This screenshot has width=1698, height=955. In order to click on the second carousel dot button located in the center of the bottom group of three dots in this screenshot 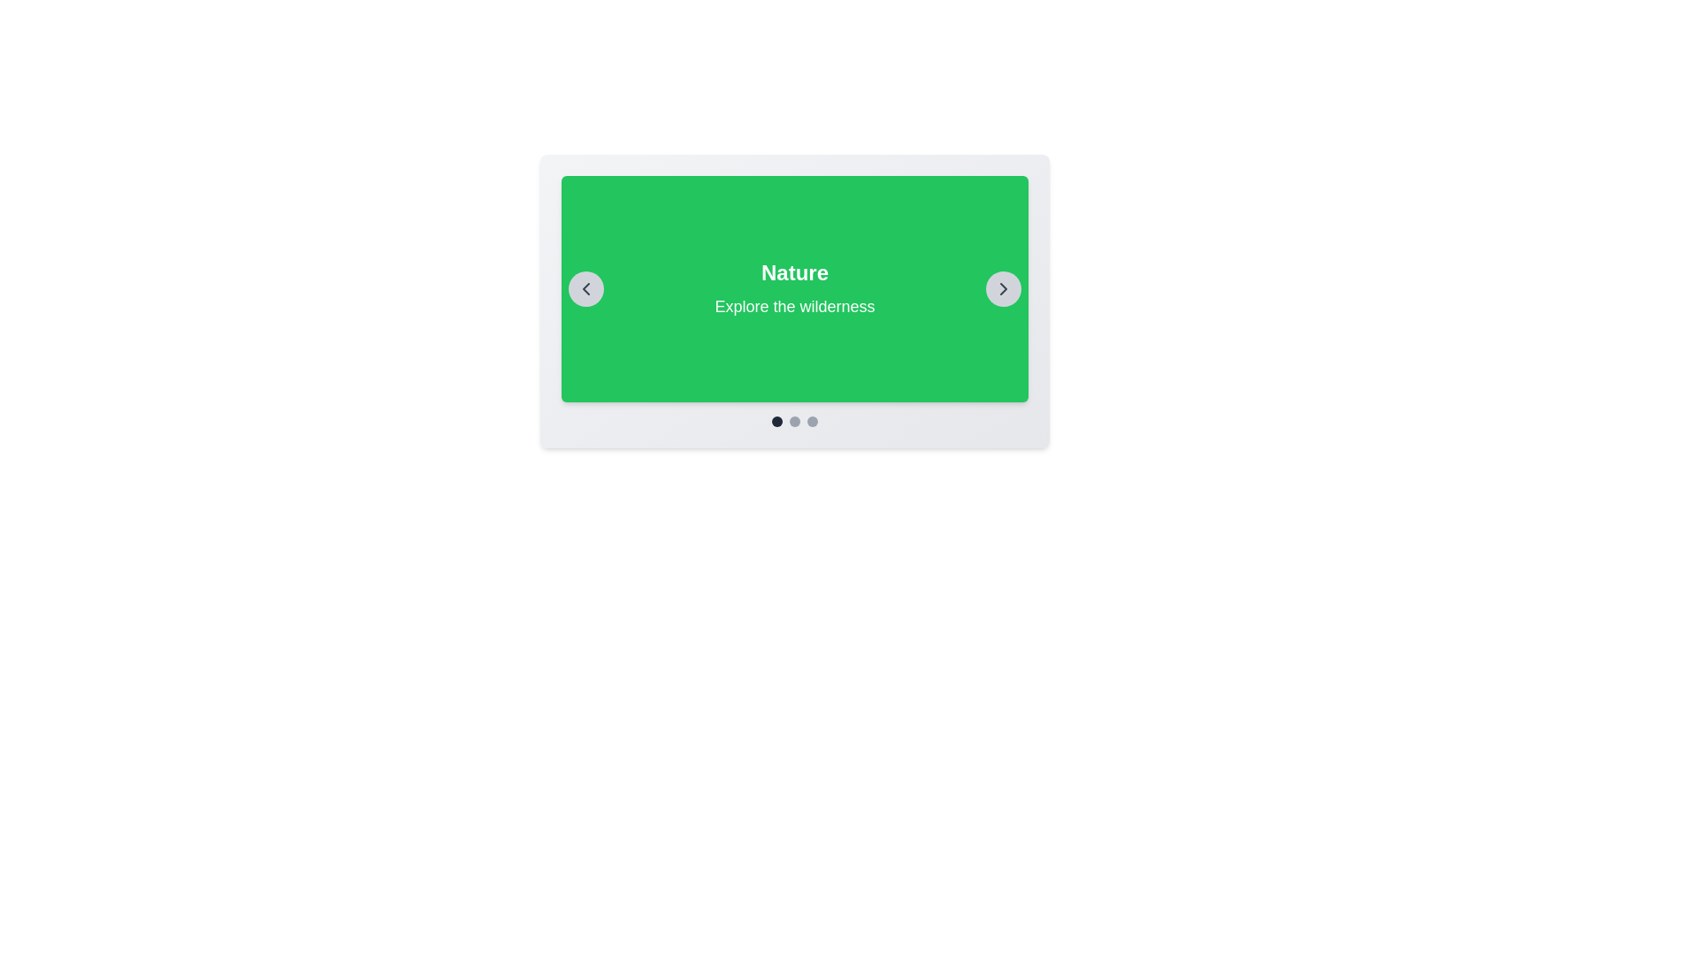, I will do `click(793, 422)`.